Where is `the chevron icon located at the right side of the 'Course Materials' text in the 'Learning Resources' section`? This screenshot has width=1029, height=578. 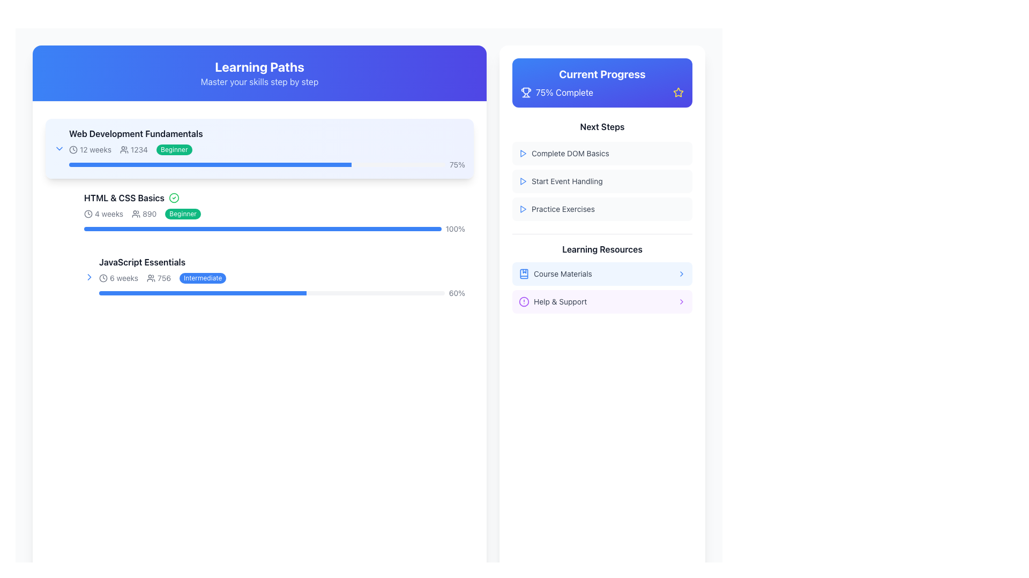 the chevron icon located at the right side of the 'Course Materials' text in the 'Learning Resources' section is located at coordinates (681, 273).